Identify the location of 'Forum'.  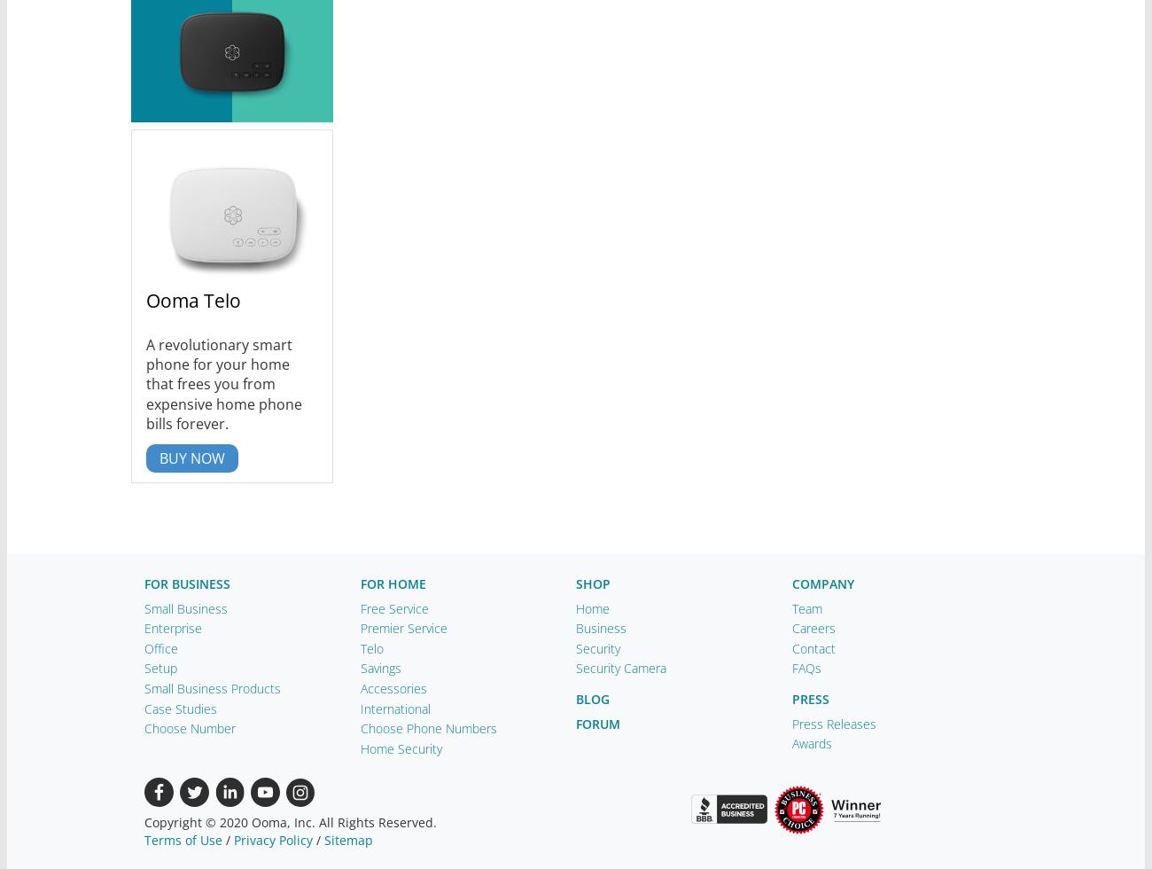
(596, 723).